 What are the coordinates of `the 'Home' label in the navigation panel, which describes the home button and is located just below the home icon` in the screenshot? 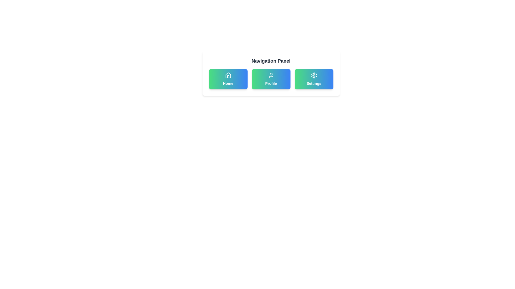 It's located at (228, 83).